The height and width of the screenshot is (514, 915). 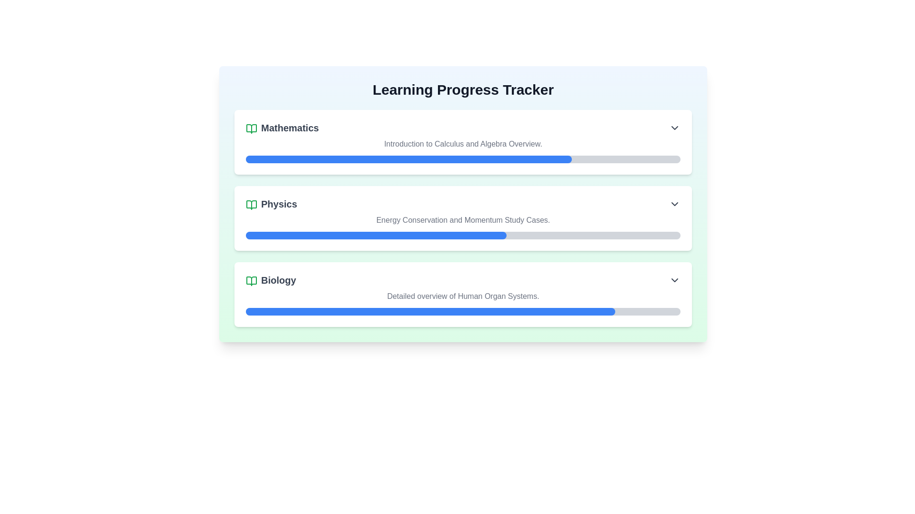 What do you see at coordinates (463, 144) in the screenshot?
I see `the text label located below the 'Mathematics' header and above the progress bar, centrally aligned within its section` at bounding box center [463, 144].